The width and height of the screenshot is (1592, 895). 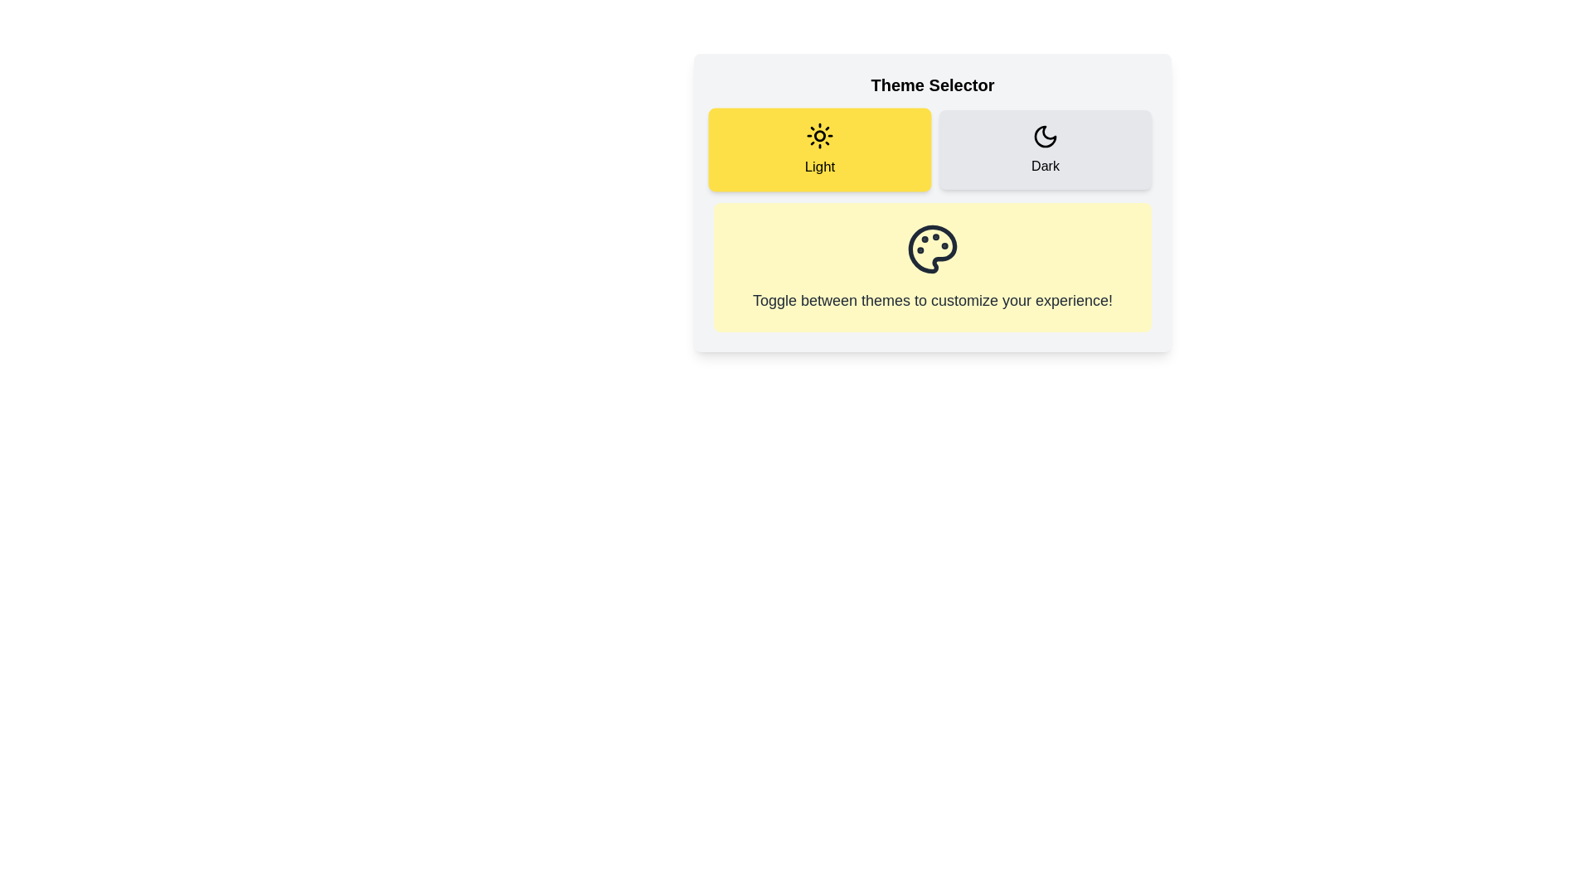 I want to click on the text label that describes the 'Light' theme option, located below the sun icon in the Theme Selector interface, so click(x=819, y=167).